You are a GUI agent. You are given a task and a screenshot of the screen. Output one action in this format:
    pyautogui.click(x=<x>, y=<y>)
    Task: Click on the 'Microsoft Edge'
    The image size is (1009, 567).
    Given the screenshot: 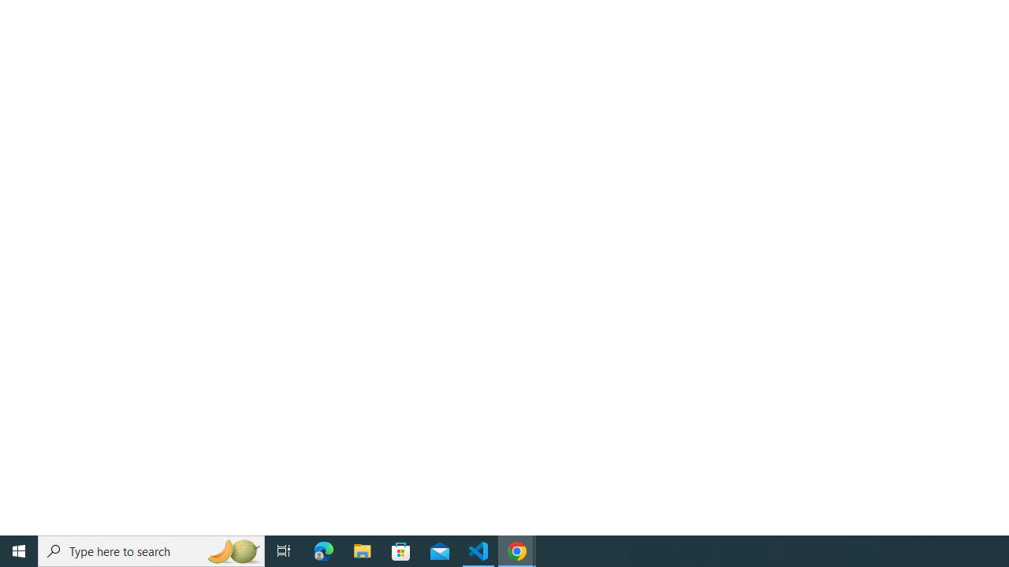 What is the action you would take?
    pyautogui.click(x=323, y=550)
    